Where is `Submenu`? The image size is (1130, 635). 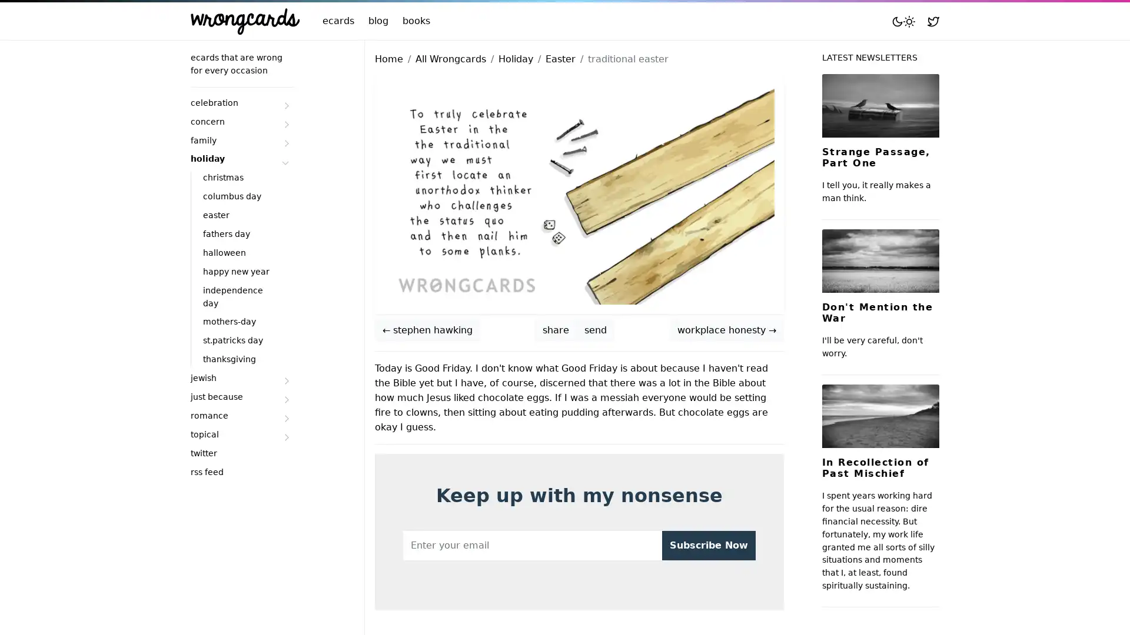
Submenu is located at coordinates (285, 104).